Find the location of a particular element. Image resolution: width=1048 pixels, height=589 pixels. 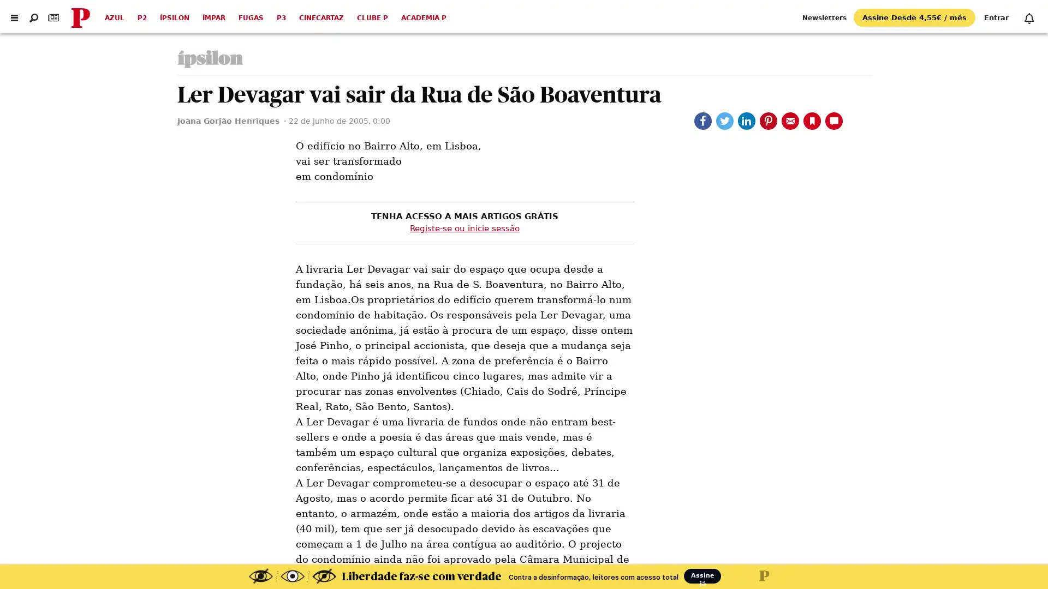

Abrir pesquisa is located at coordinates (34, 17).